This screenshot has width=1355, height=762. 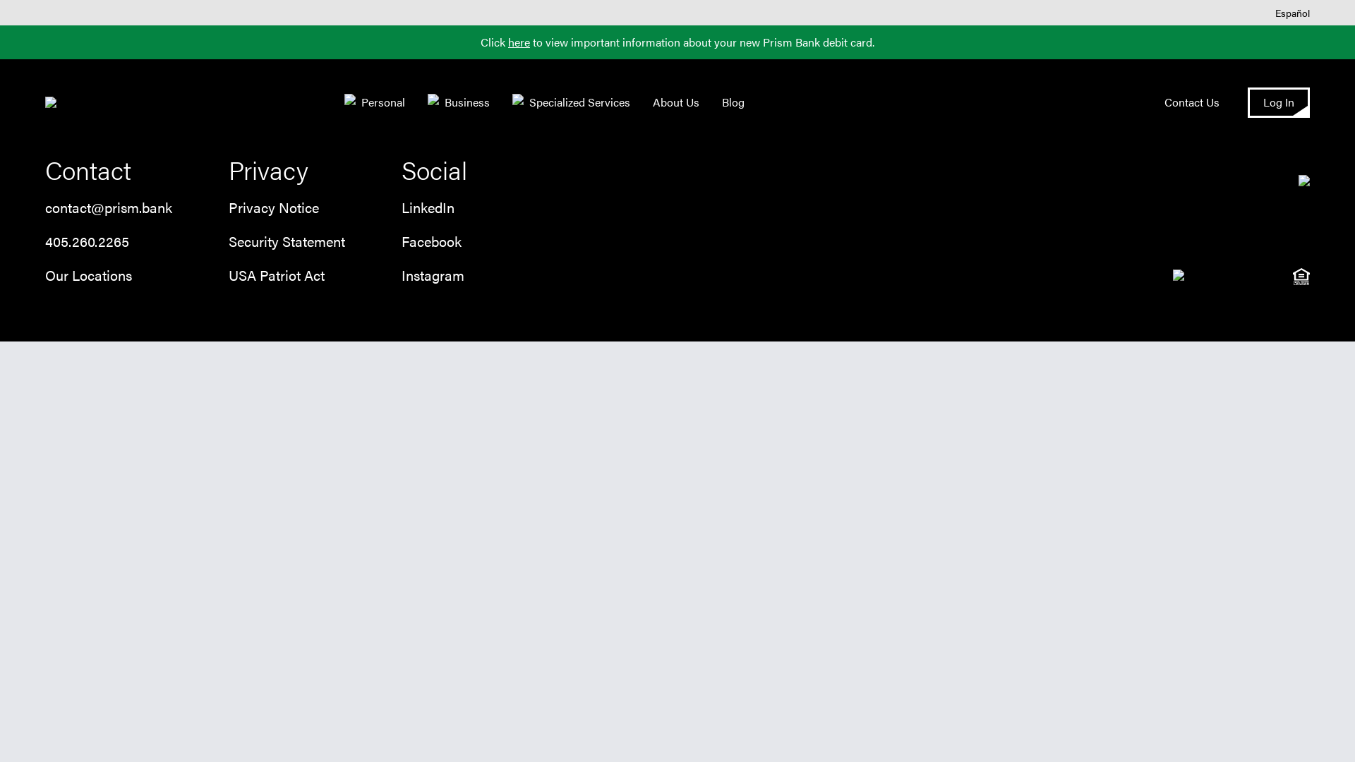 I want to click on 'Personal', so click(x=344, y=102).